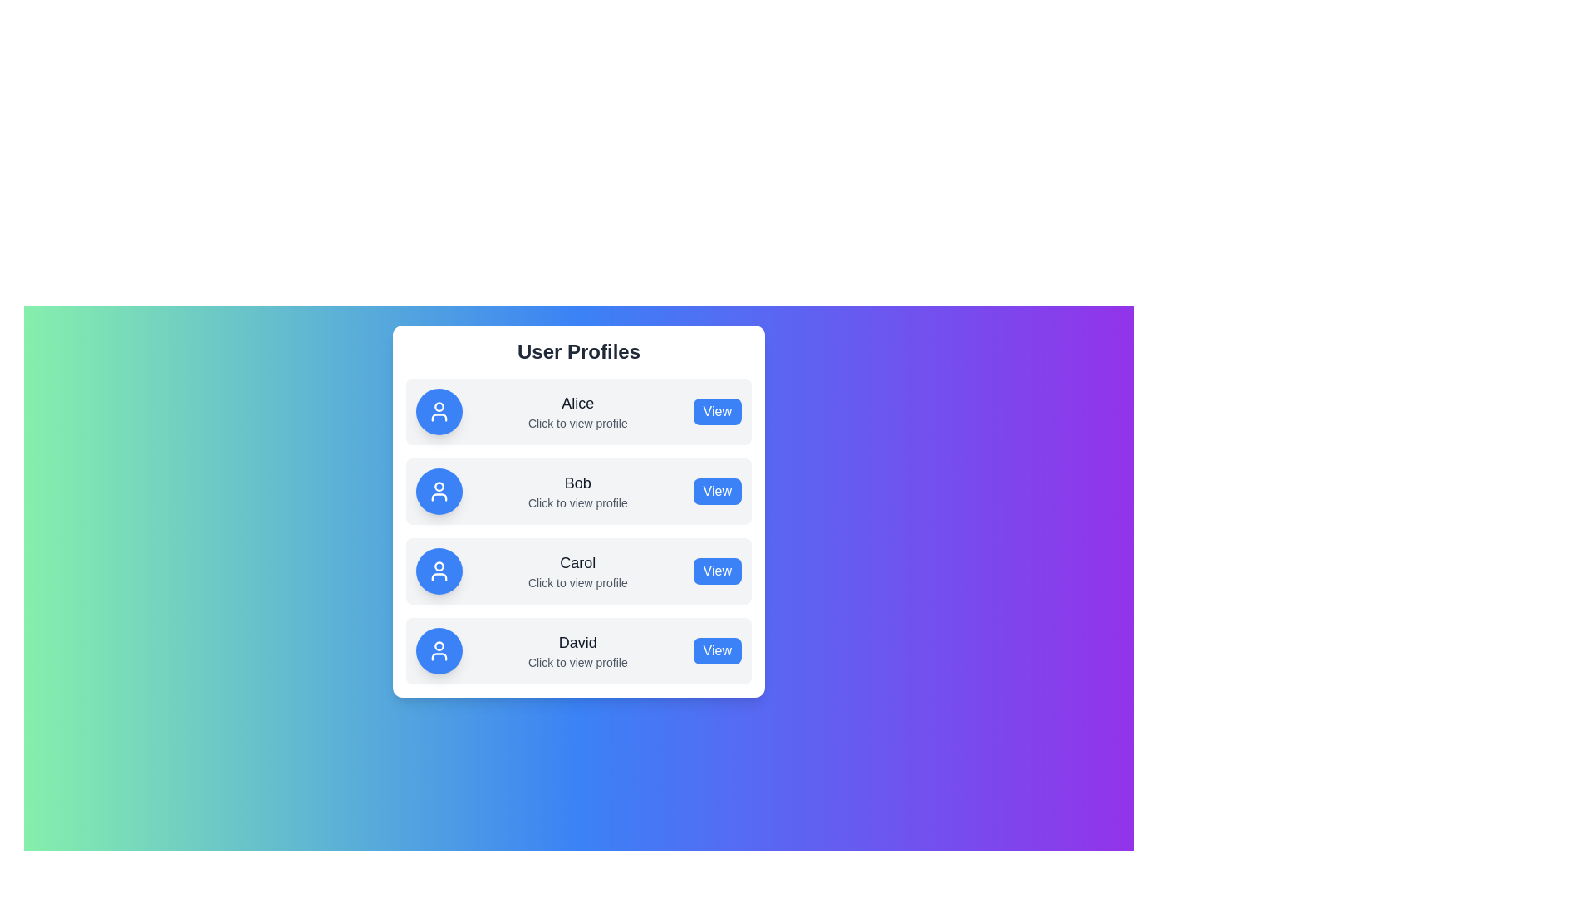 The image size is (1595, 897). What do you see at coordinates (577, 582) in the screenshot?
I see `the text label that provides additional information about viewing Carol's profile, located in the third profile card below her name` at bounding box center [577, 582].